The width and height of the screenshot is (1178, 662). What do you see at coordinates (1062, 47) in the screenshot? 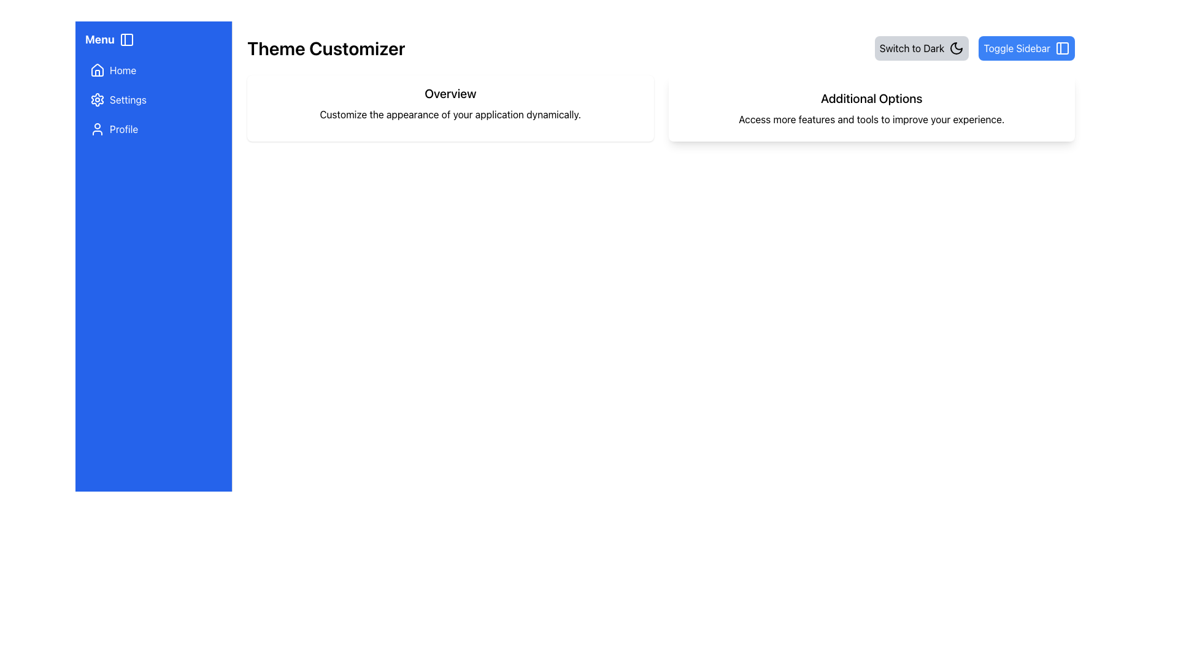
I see `the left portion of the SVG icon representing the 'Toggle Sidebar' functionality` at bounding box center [1062, 47].